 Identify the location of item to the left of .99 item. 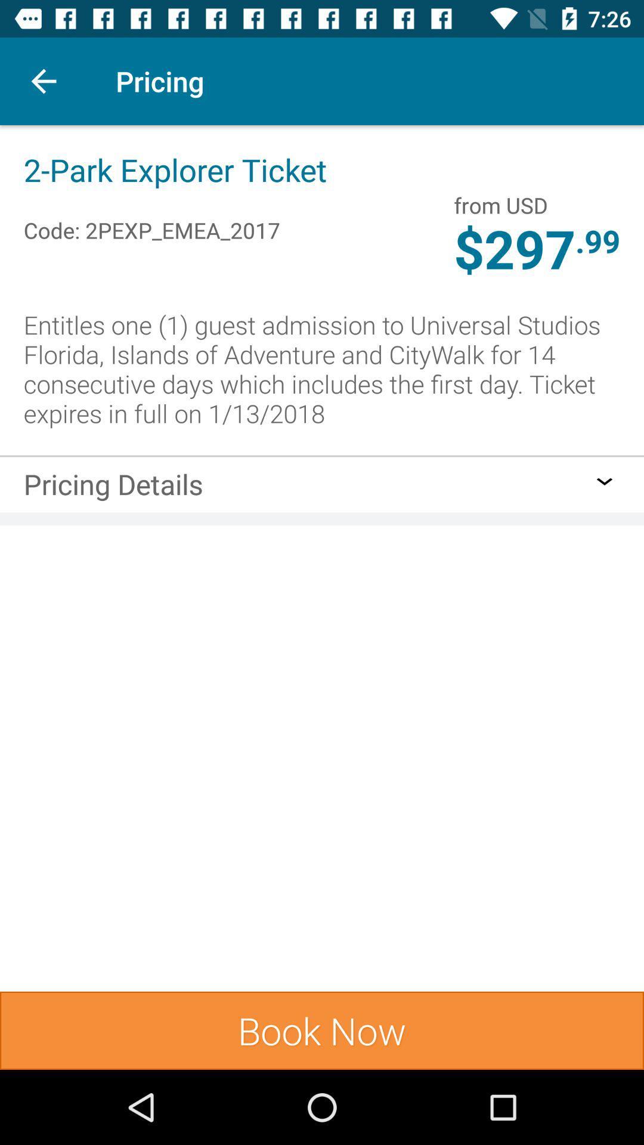
(501, 205).